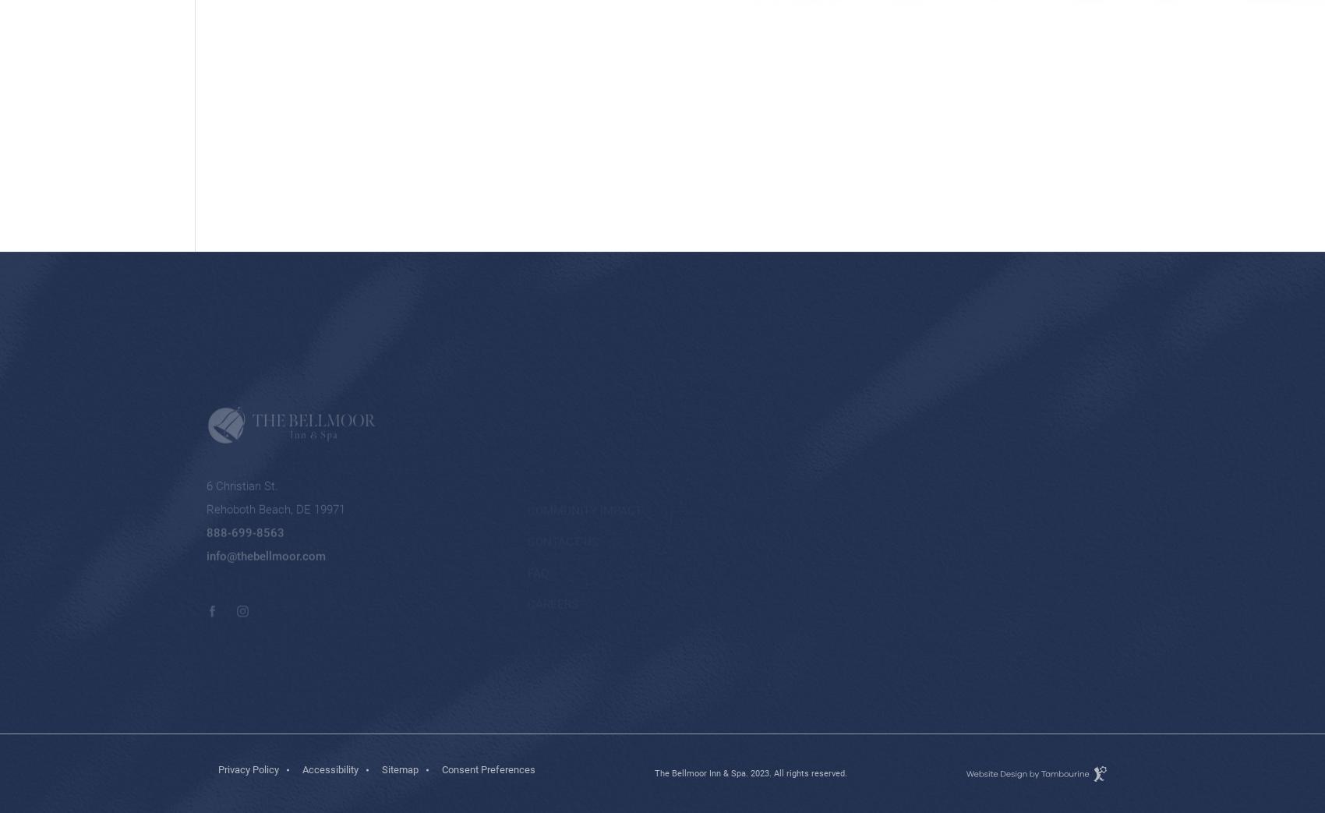 This screenshot has height=813, width=1325. Describe the element at coordinates (440, 769) in the screenshot. I see `'Consent Preferences'` at that location.